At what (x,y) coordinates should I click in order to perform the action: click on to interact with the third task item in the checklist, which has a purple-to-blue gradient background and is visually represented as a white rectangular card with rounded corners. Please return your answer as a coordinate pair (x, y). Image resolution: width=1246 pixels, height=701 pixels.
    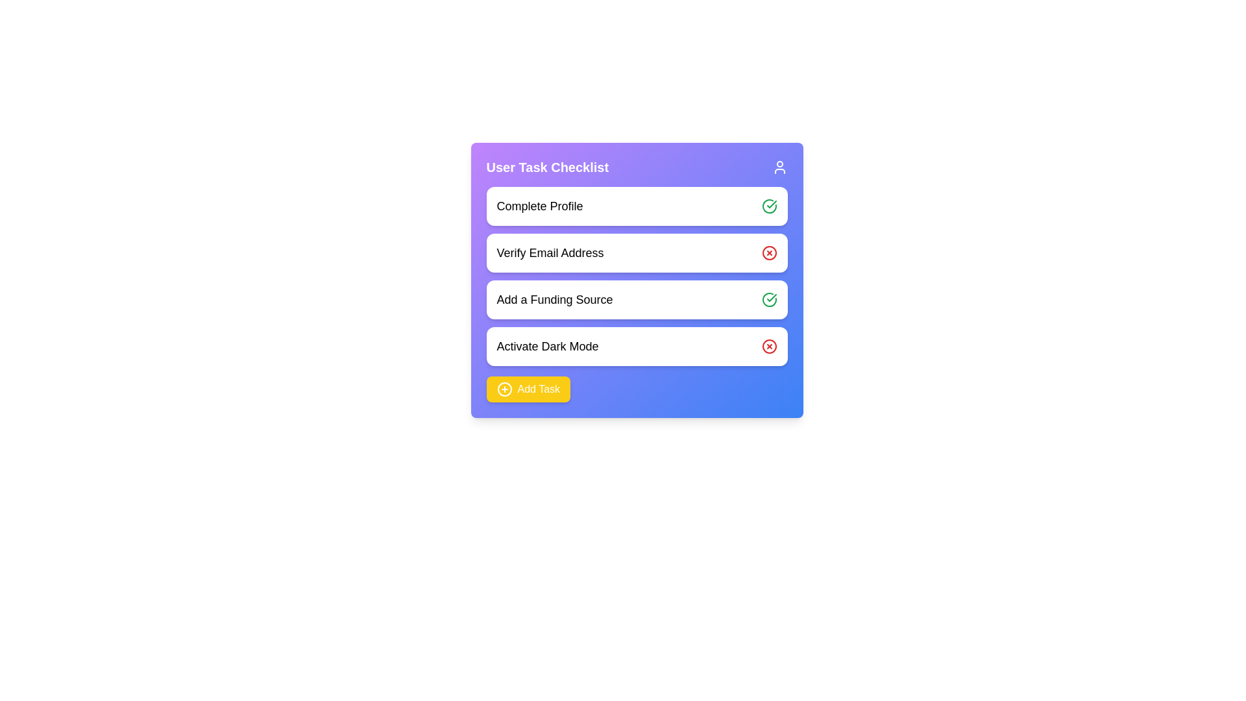
    Looking at the image, I should click on (637, 280).